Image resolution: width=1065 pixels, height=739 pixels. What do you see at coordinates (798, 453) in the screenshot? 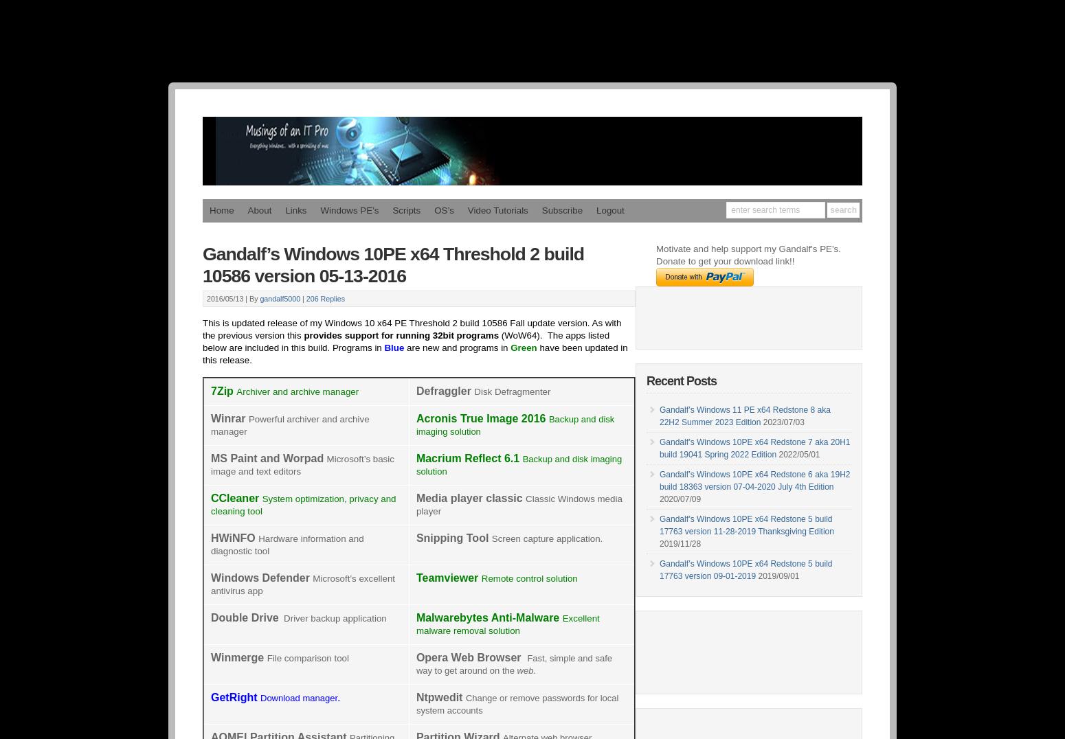
I see `'2022/05/01'` at bounding box center [798, 453].